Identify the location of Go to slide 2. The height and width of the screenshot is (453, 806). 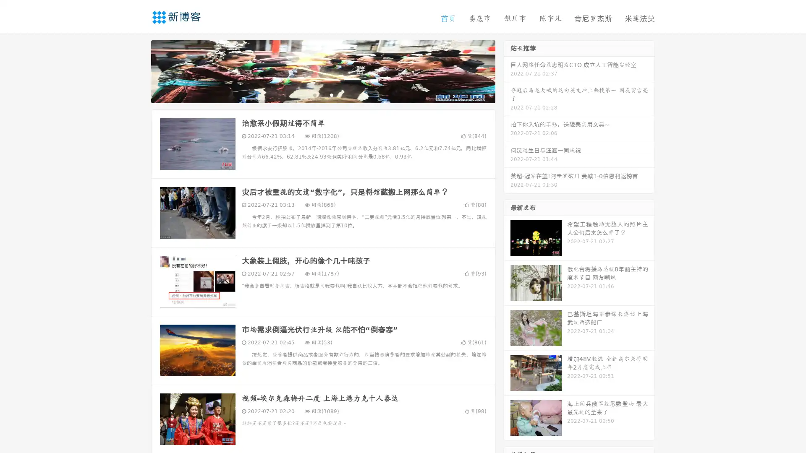
(322, 94).